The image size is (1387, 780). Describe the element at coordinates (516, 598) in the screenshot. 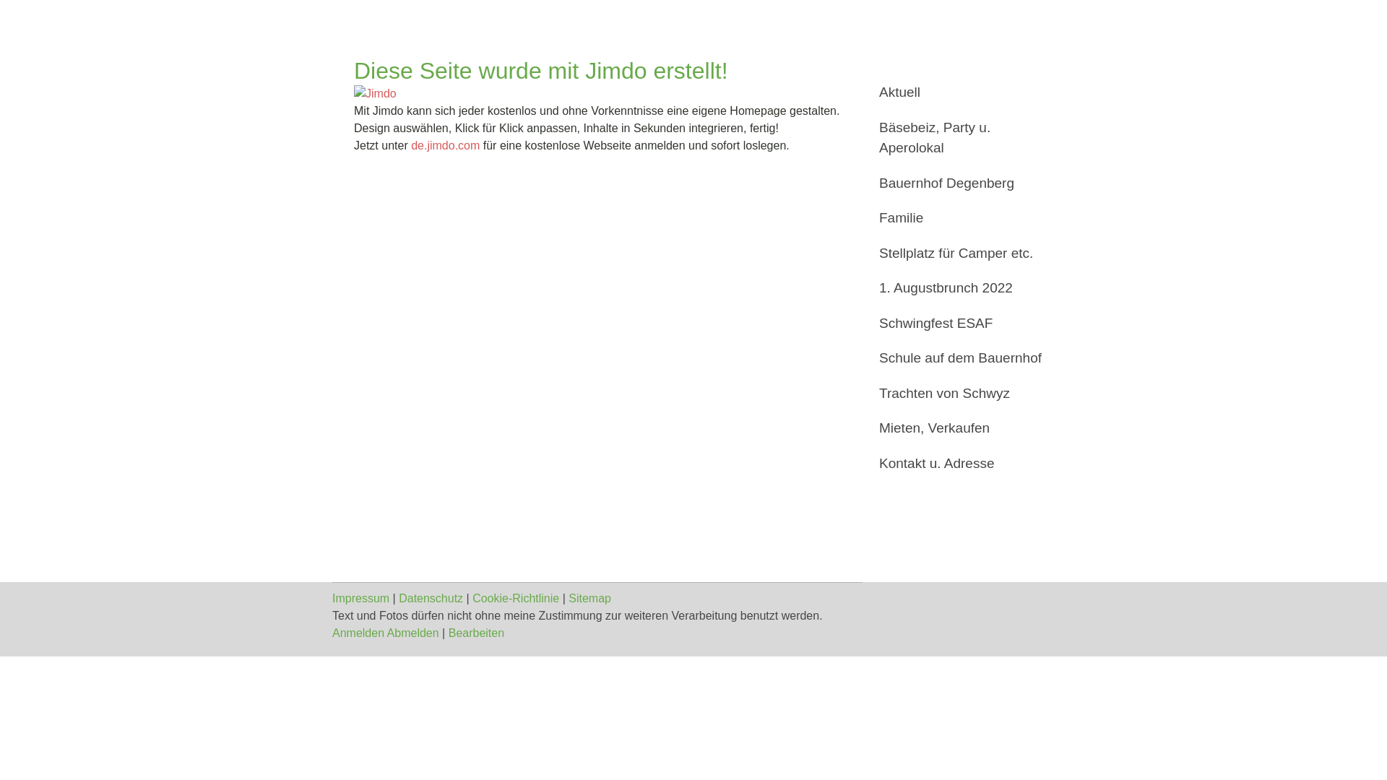

I see `'Cookie-Richtlinie'` at that location.